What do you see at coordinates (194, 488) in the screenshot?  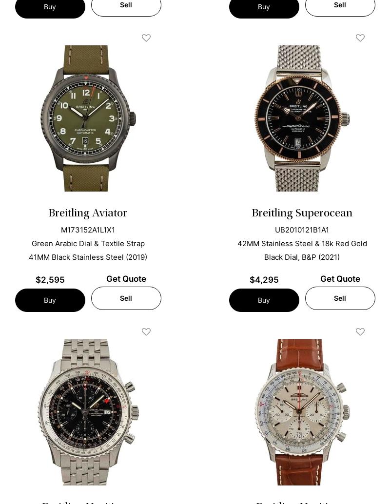 I see `'Timeless Style Delivered To Your Inbox'` at bounding box center [194, 488].